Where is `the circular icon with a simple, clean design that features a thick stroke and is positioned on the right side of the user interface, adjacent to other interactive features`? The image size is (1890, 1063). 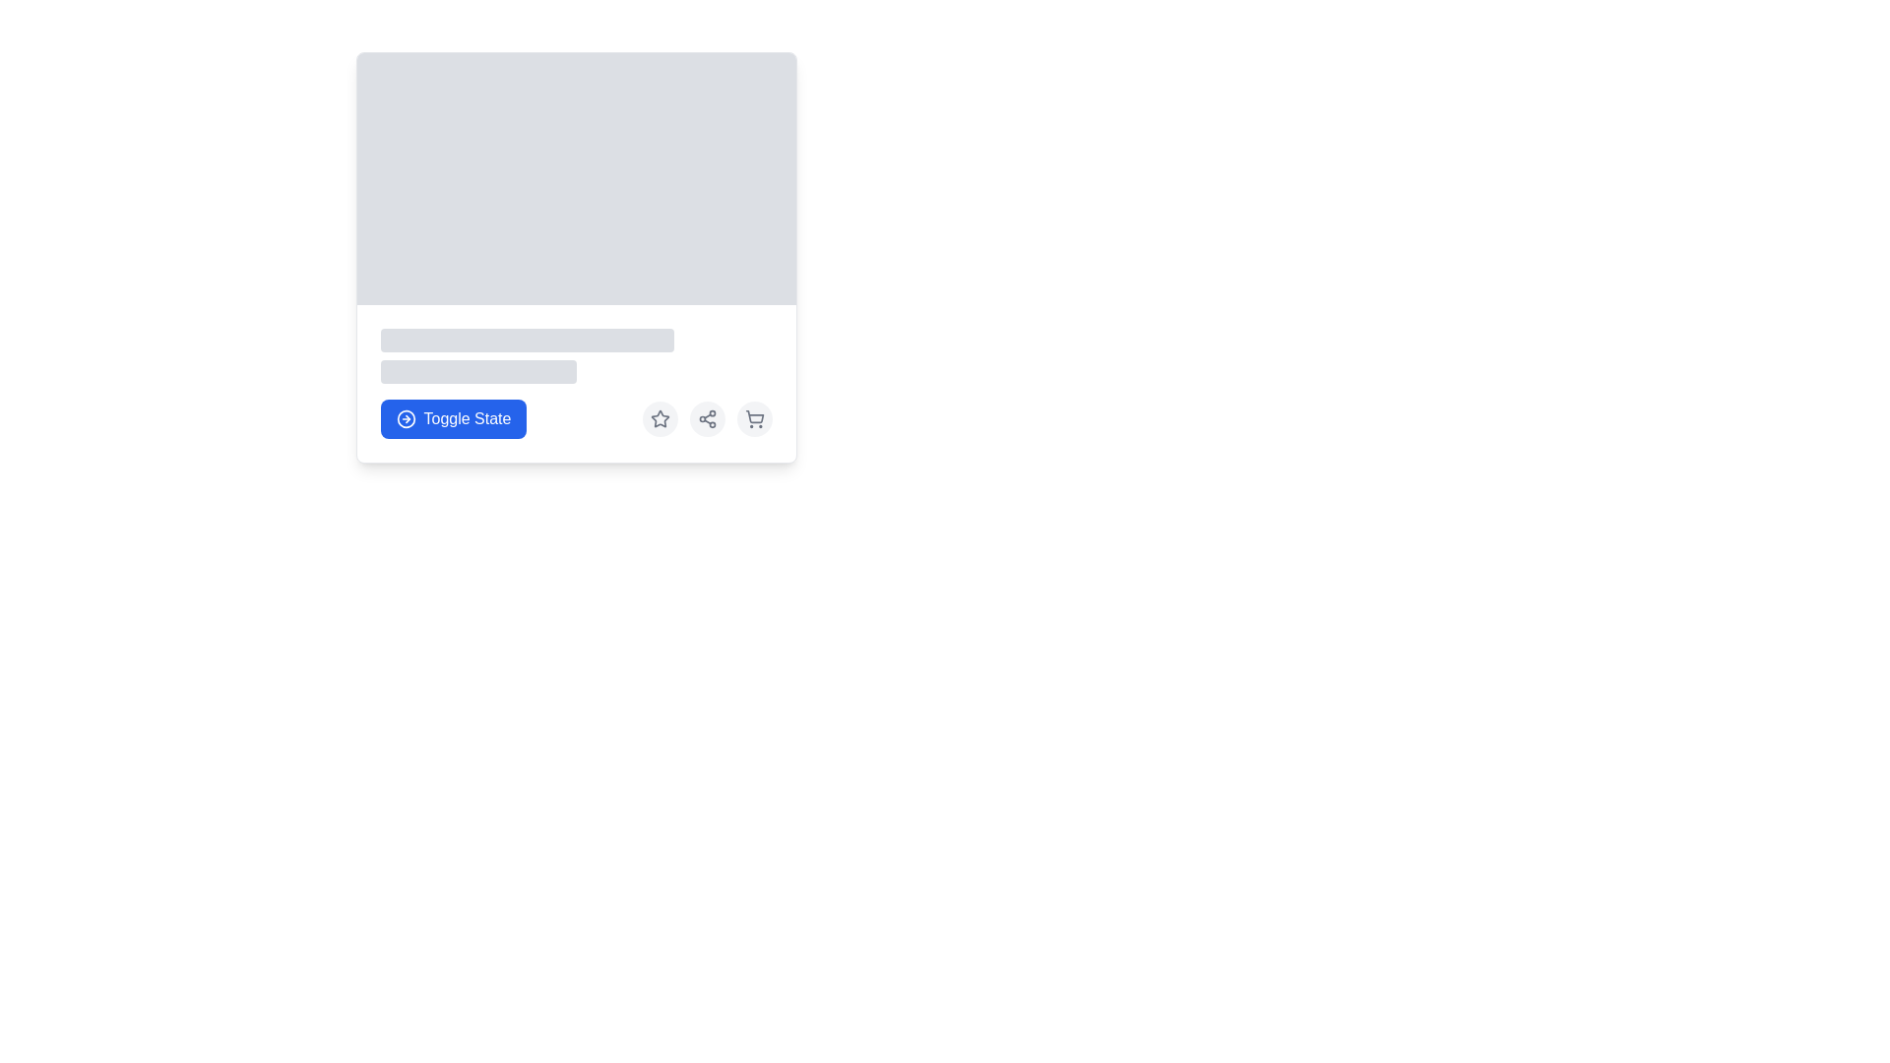 the circular icon with a simple, clean design that features a thick stroke and is positioned on the right side of the user interface, adjacent to other interactive features is located at coordinates (405, 417).